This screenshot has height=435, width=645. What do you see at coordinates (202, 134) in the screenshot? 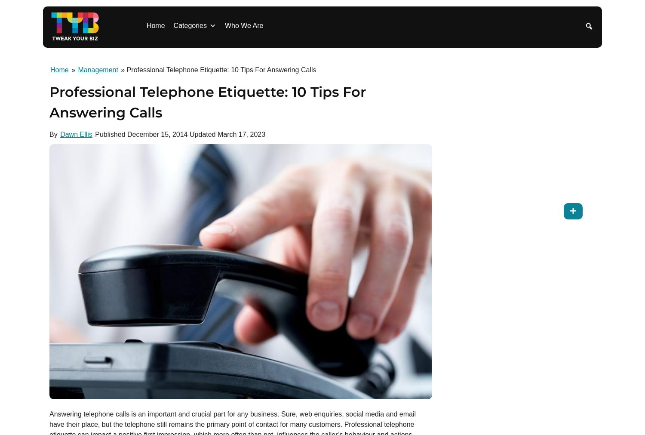
I see `'Updated'` at bounding box center [202, 134].